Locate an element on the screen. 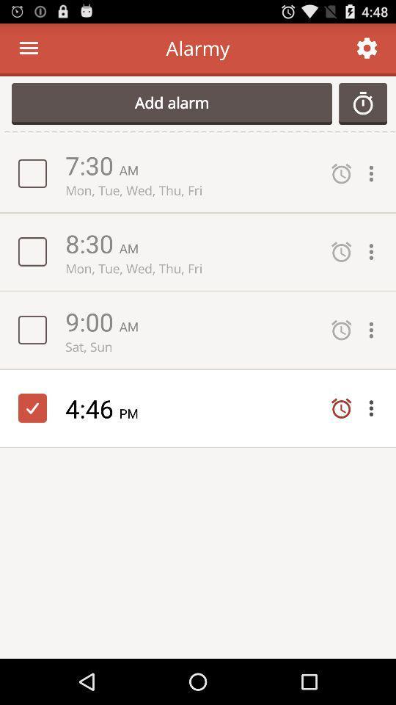  item above sat, sun app is located at coordinates (92, 321).